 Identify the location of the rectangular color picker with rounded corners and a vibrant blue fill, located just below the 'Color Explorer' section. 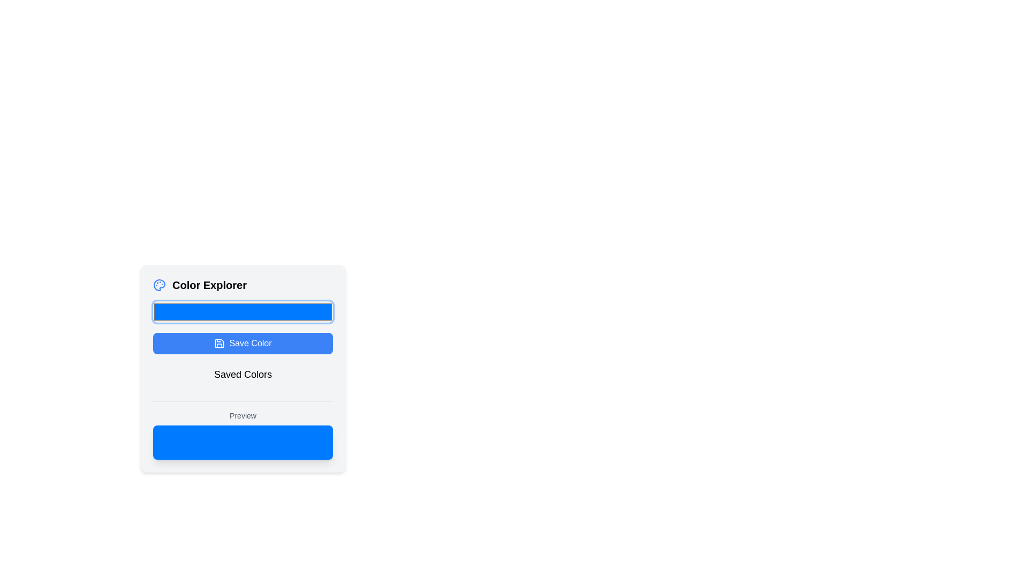
(243, 311).